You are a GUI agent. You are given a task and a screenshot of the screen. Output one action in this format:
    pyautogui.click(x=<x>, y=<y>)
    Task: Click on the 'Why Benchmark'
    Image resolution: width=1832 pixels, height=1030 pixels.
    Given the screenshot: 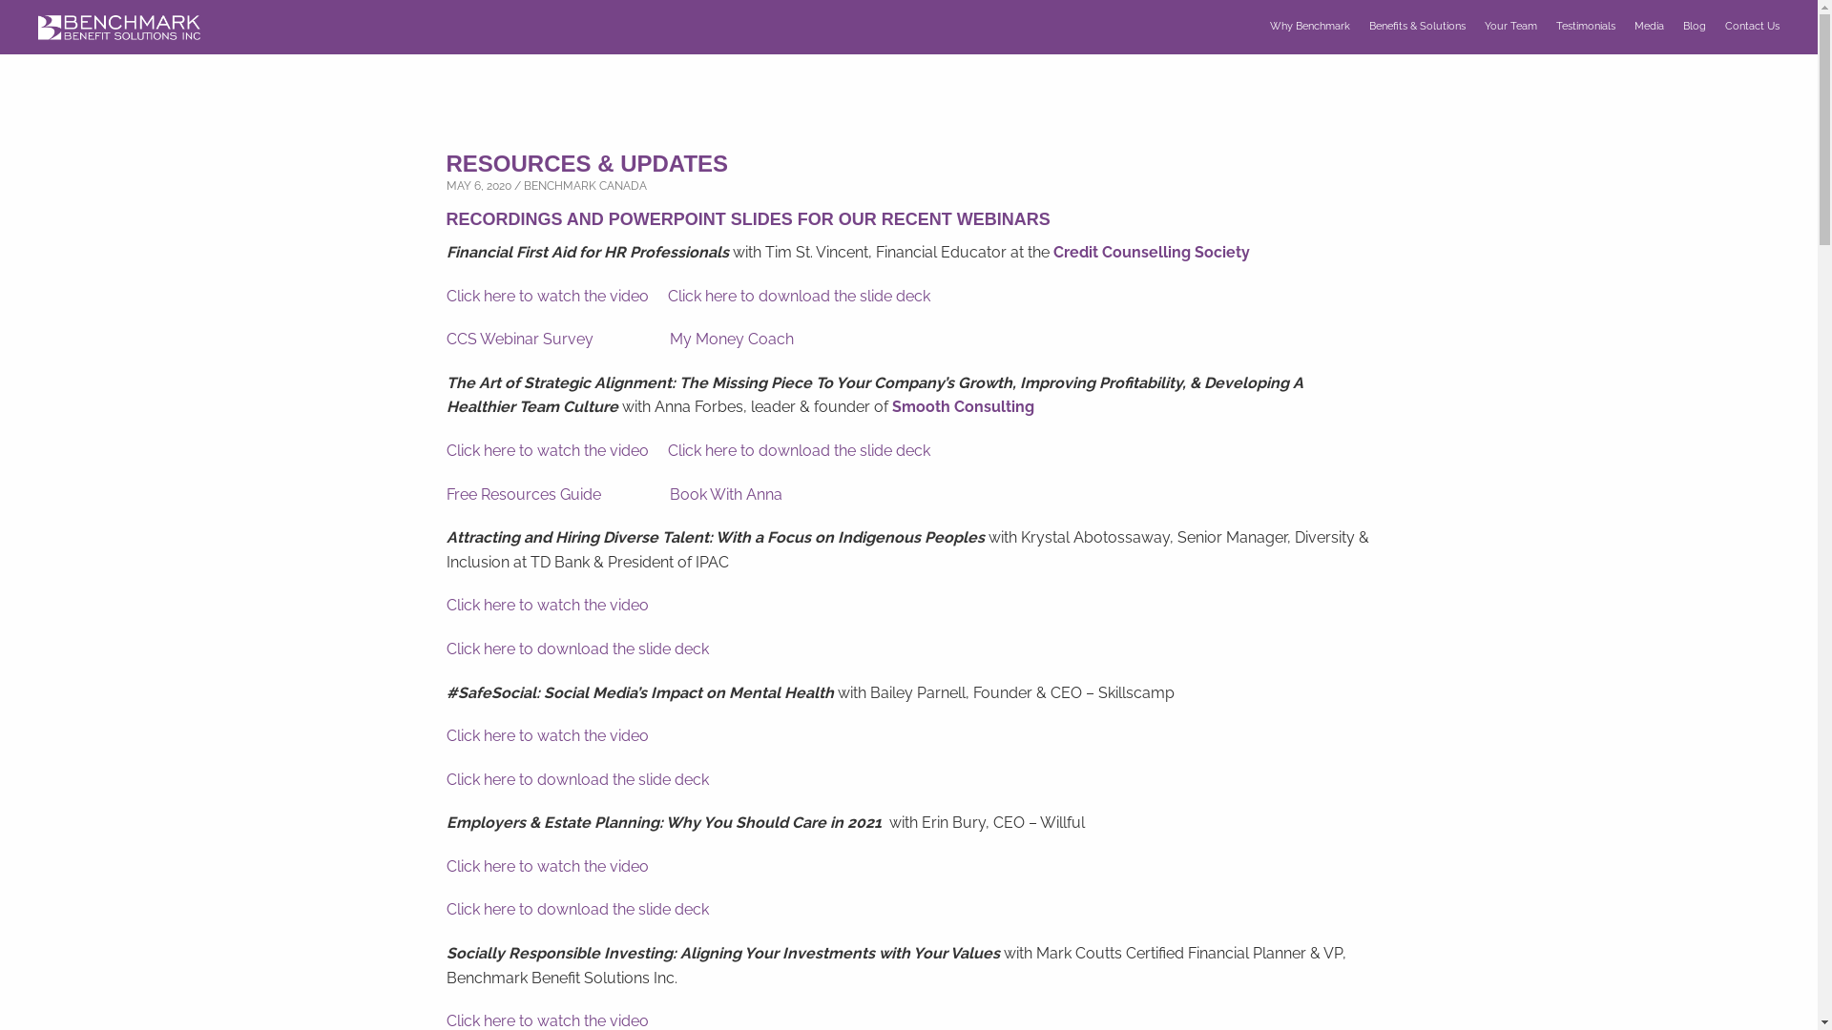 What is the action you would take?
    pyautogui.click(x=1308, y=26)
    